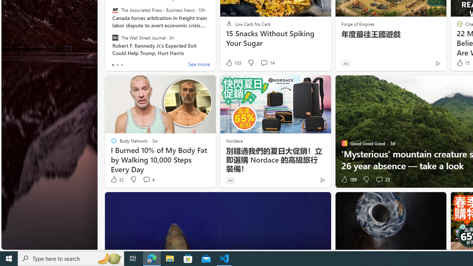 Image resolution: width=473 pixels, height=266 pixels. Describe the element at coordinates (109, 258) in the screenshot. I see `'Search highlights icon opens search home window'` at that location.